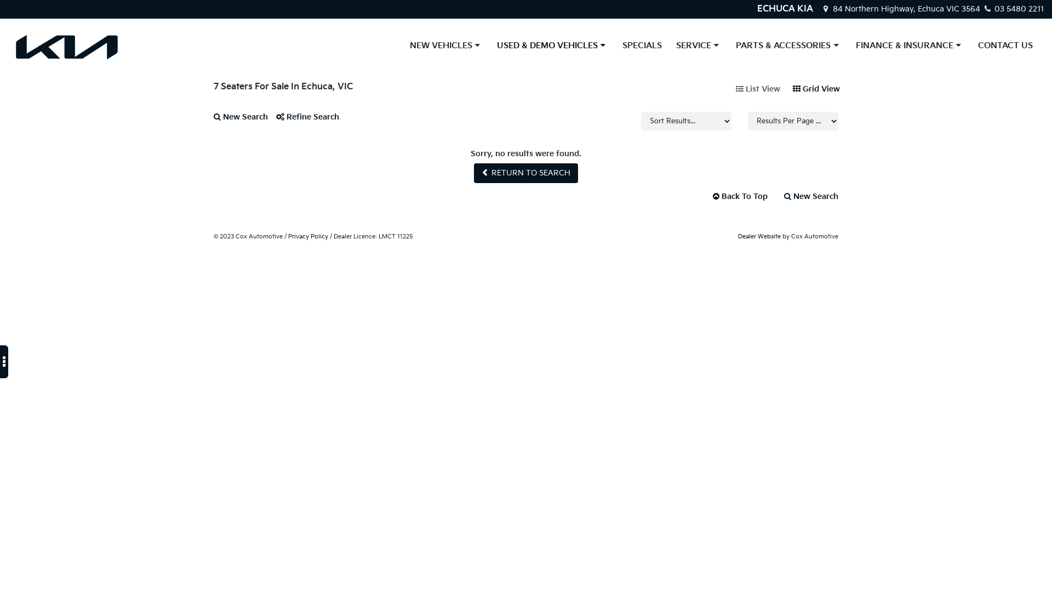 This screenshot has width=1052, height=592. Describe the element at coordinates (698, 45) in the screenshot. I see `'SERVICE'` at that location.